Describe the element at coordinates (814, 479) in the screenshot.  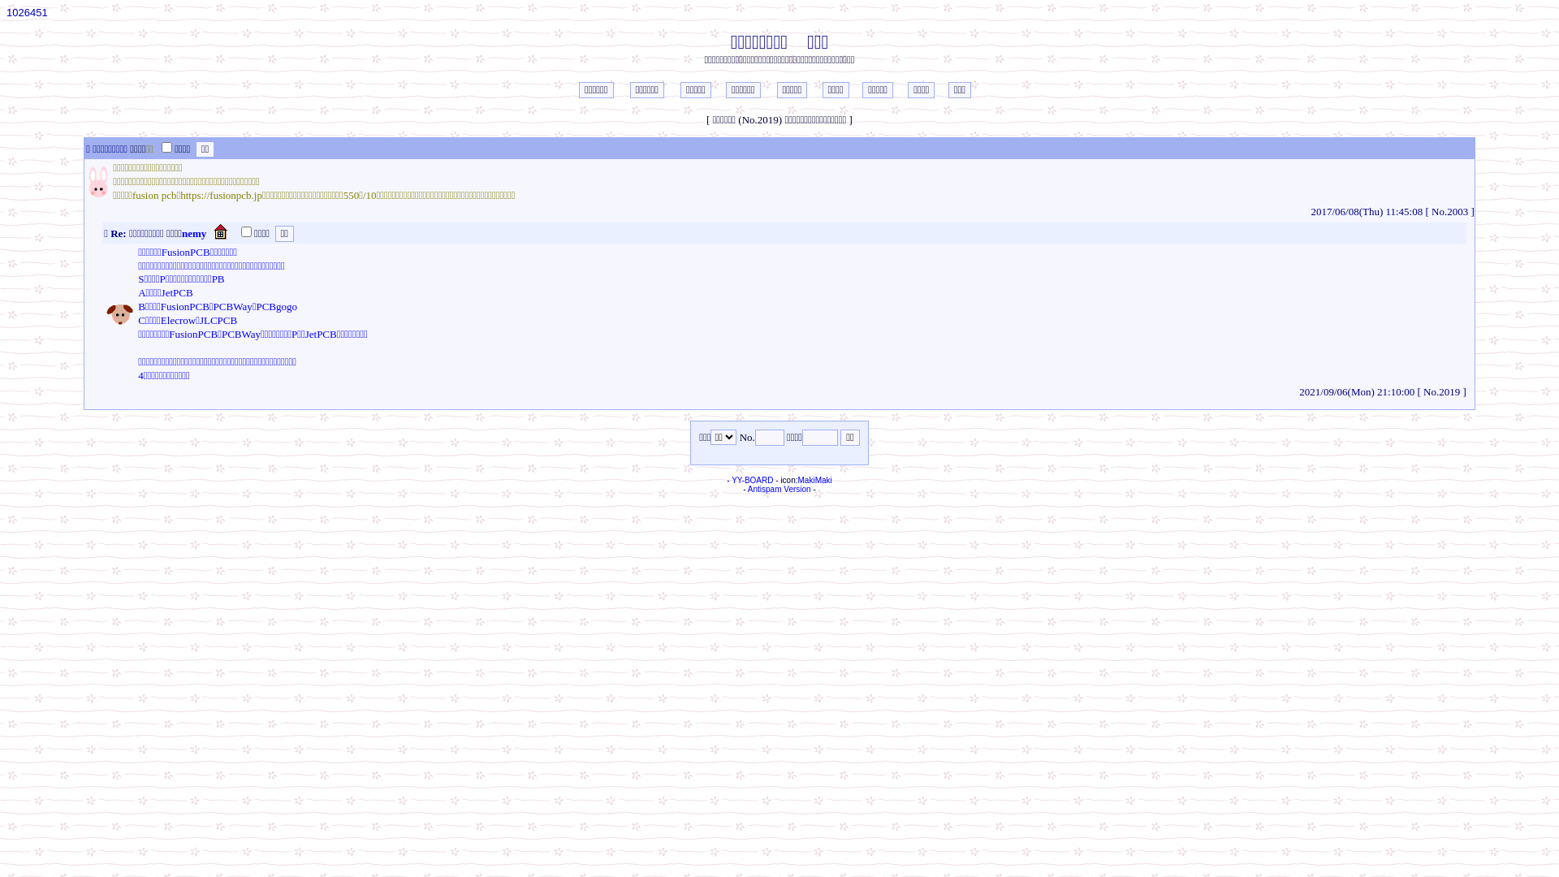
I see `'MakiMaki'` at that location.